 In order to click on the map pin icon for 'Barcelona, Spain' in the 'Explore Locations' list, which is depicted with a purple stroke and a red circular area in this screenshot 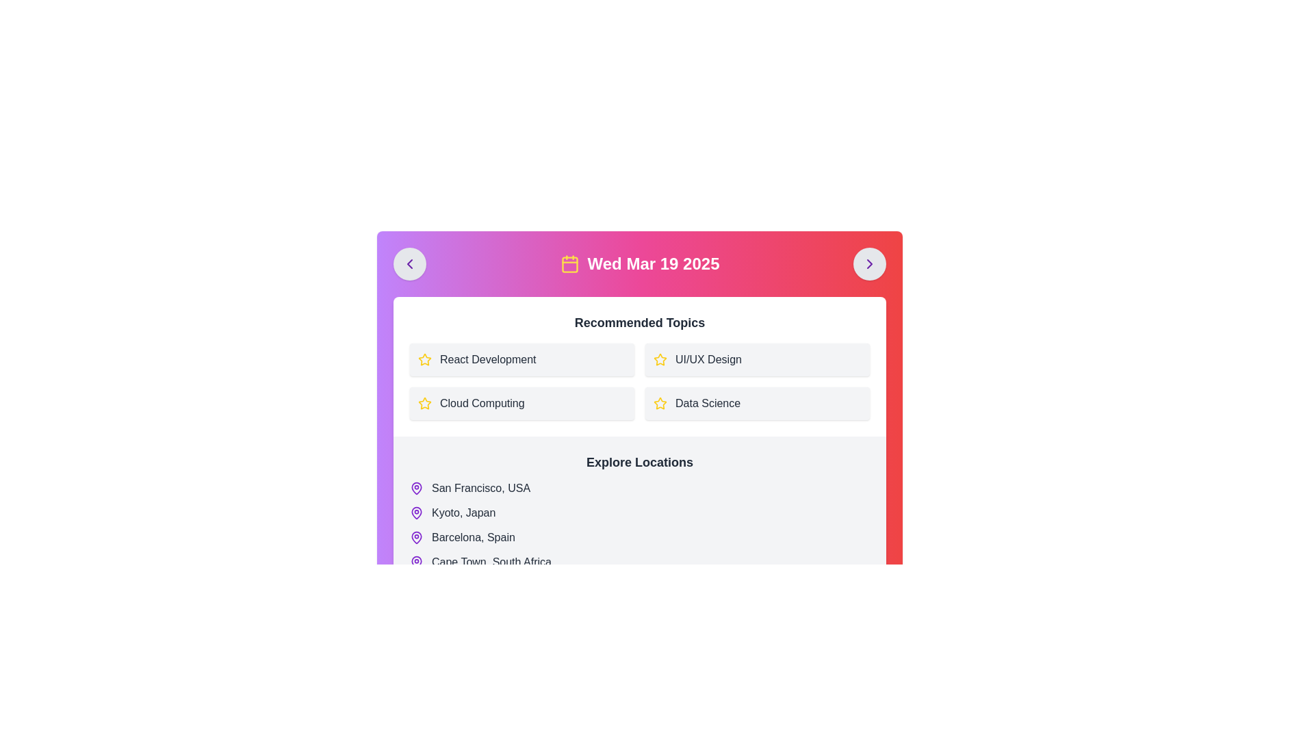, I will do `click(416, 536)`.